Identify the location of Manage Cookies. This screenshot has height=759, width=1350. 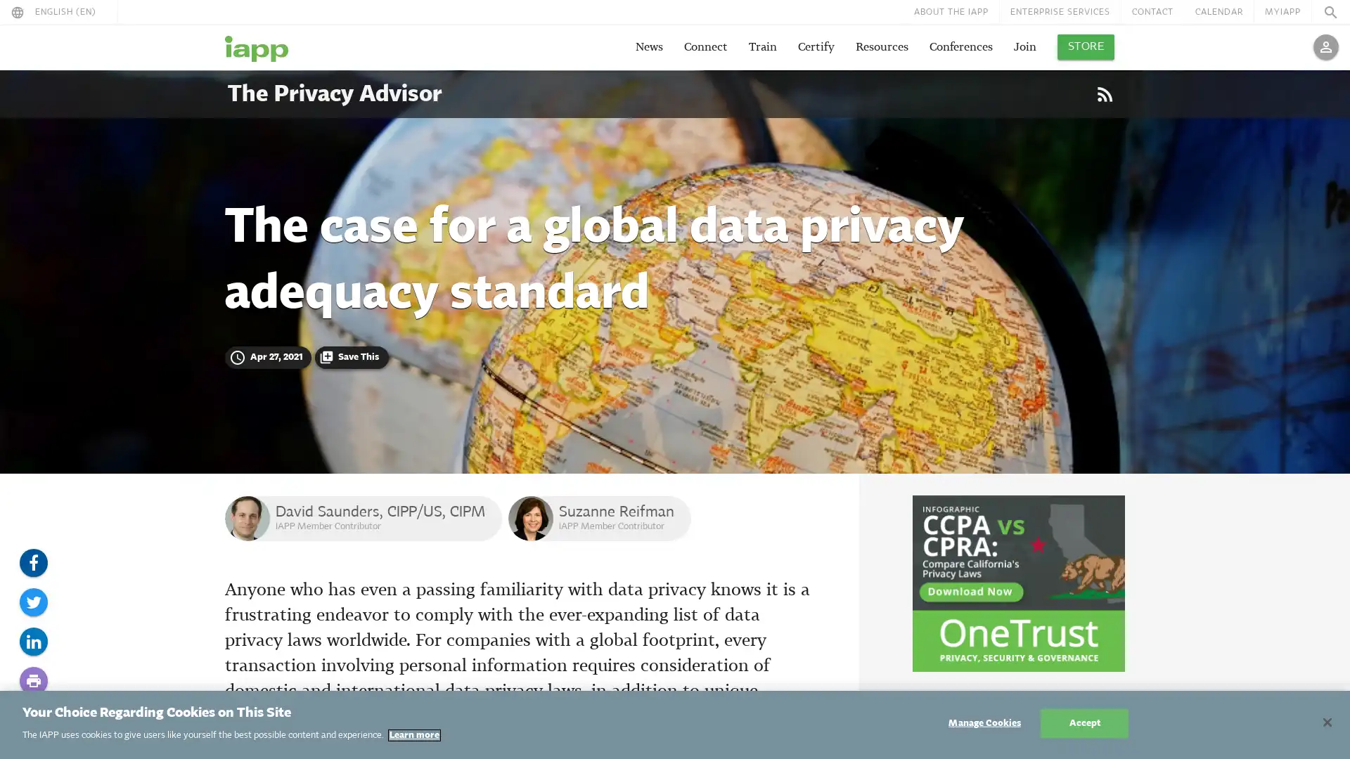
(984, 723).